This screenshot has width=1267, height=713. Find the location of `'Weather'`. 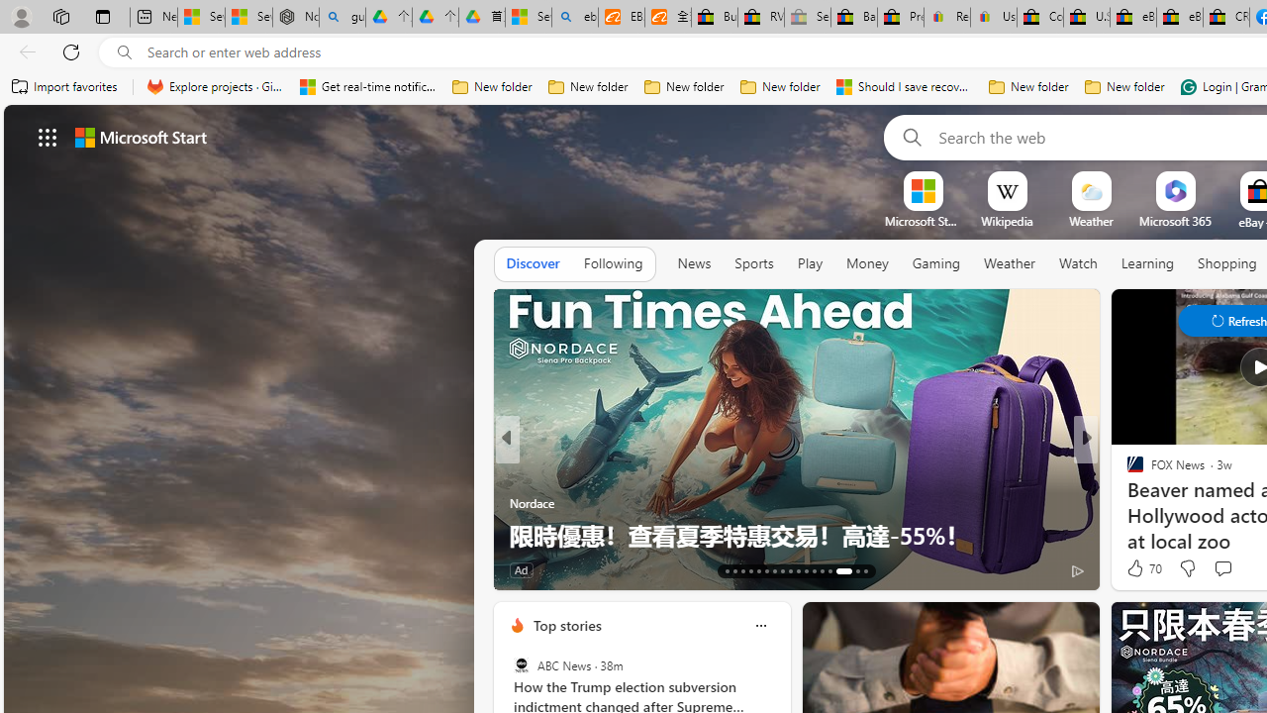

'Weather' is located at coordinates (1010, 262).